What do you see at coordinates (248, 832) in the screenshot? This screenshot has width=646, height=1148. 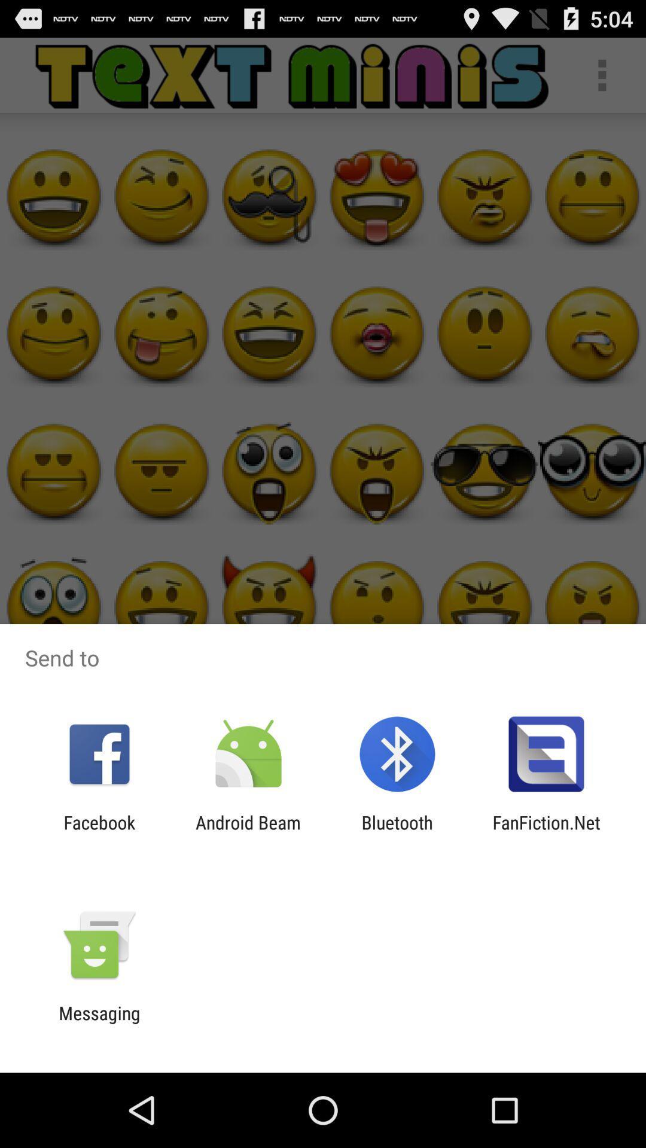 I see `the app to the right of facebook app` at bounding box center [248, 832].